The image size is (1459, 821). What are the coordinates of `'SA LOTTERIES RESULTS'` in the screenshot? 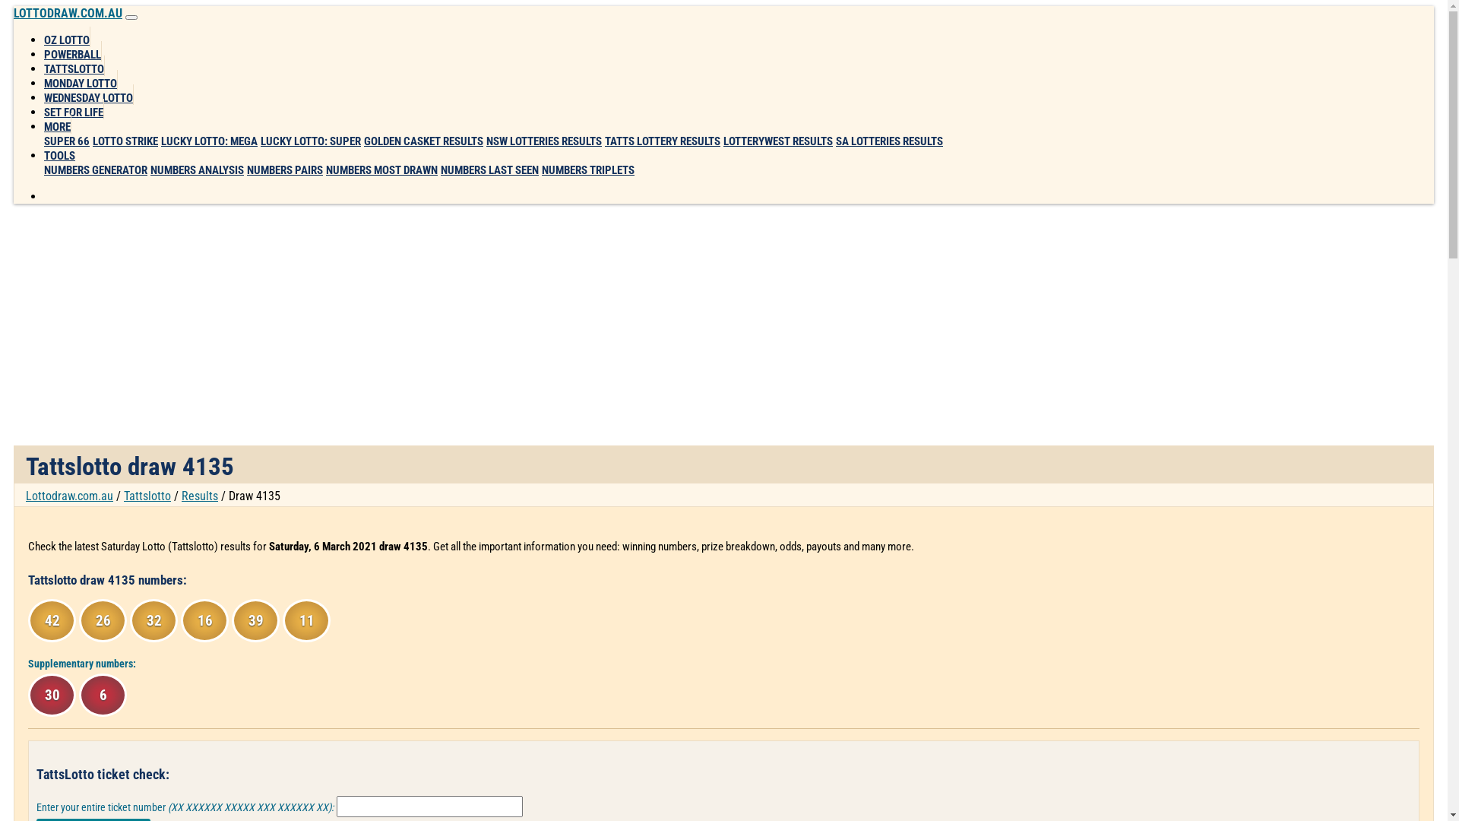 It's located at (889, 141).